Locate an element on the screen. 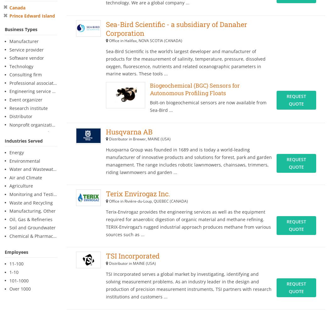 The image size is (330, 311). '2' is located at coordinates (177, 92).